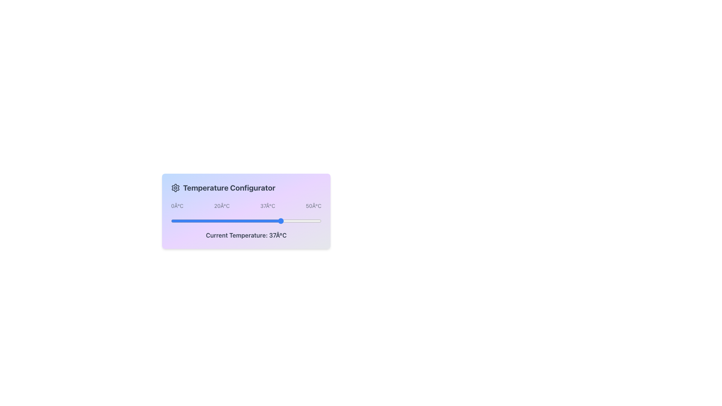  I want to click on the temperature, so click(210, 220).